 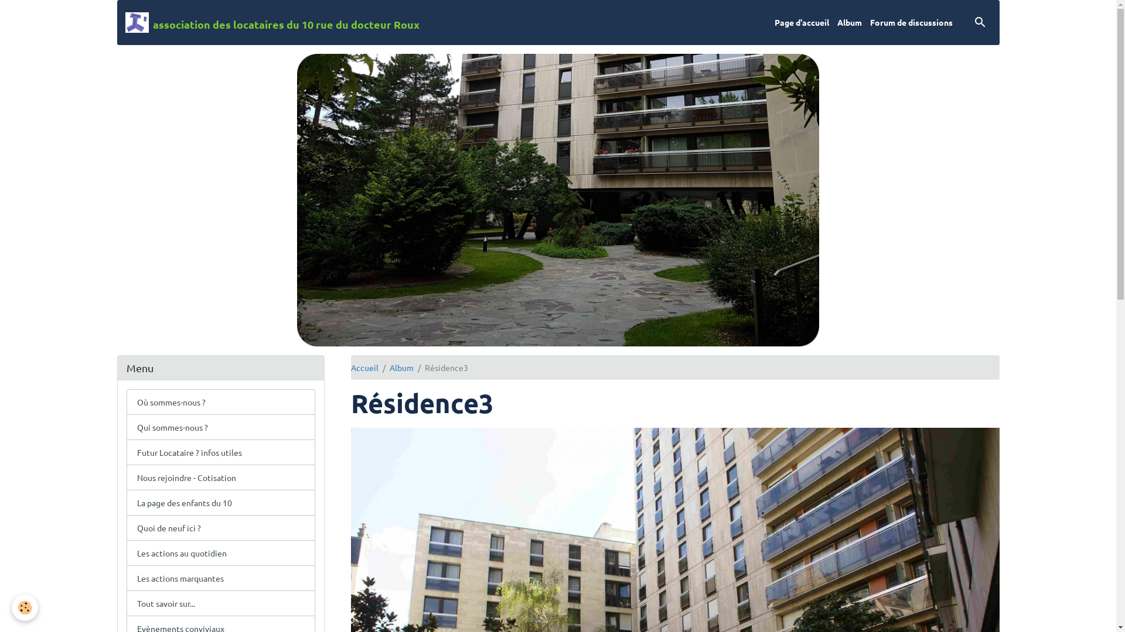 I want to click on 'Les actions au quotidien', so click(x=221, y=553).